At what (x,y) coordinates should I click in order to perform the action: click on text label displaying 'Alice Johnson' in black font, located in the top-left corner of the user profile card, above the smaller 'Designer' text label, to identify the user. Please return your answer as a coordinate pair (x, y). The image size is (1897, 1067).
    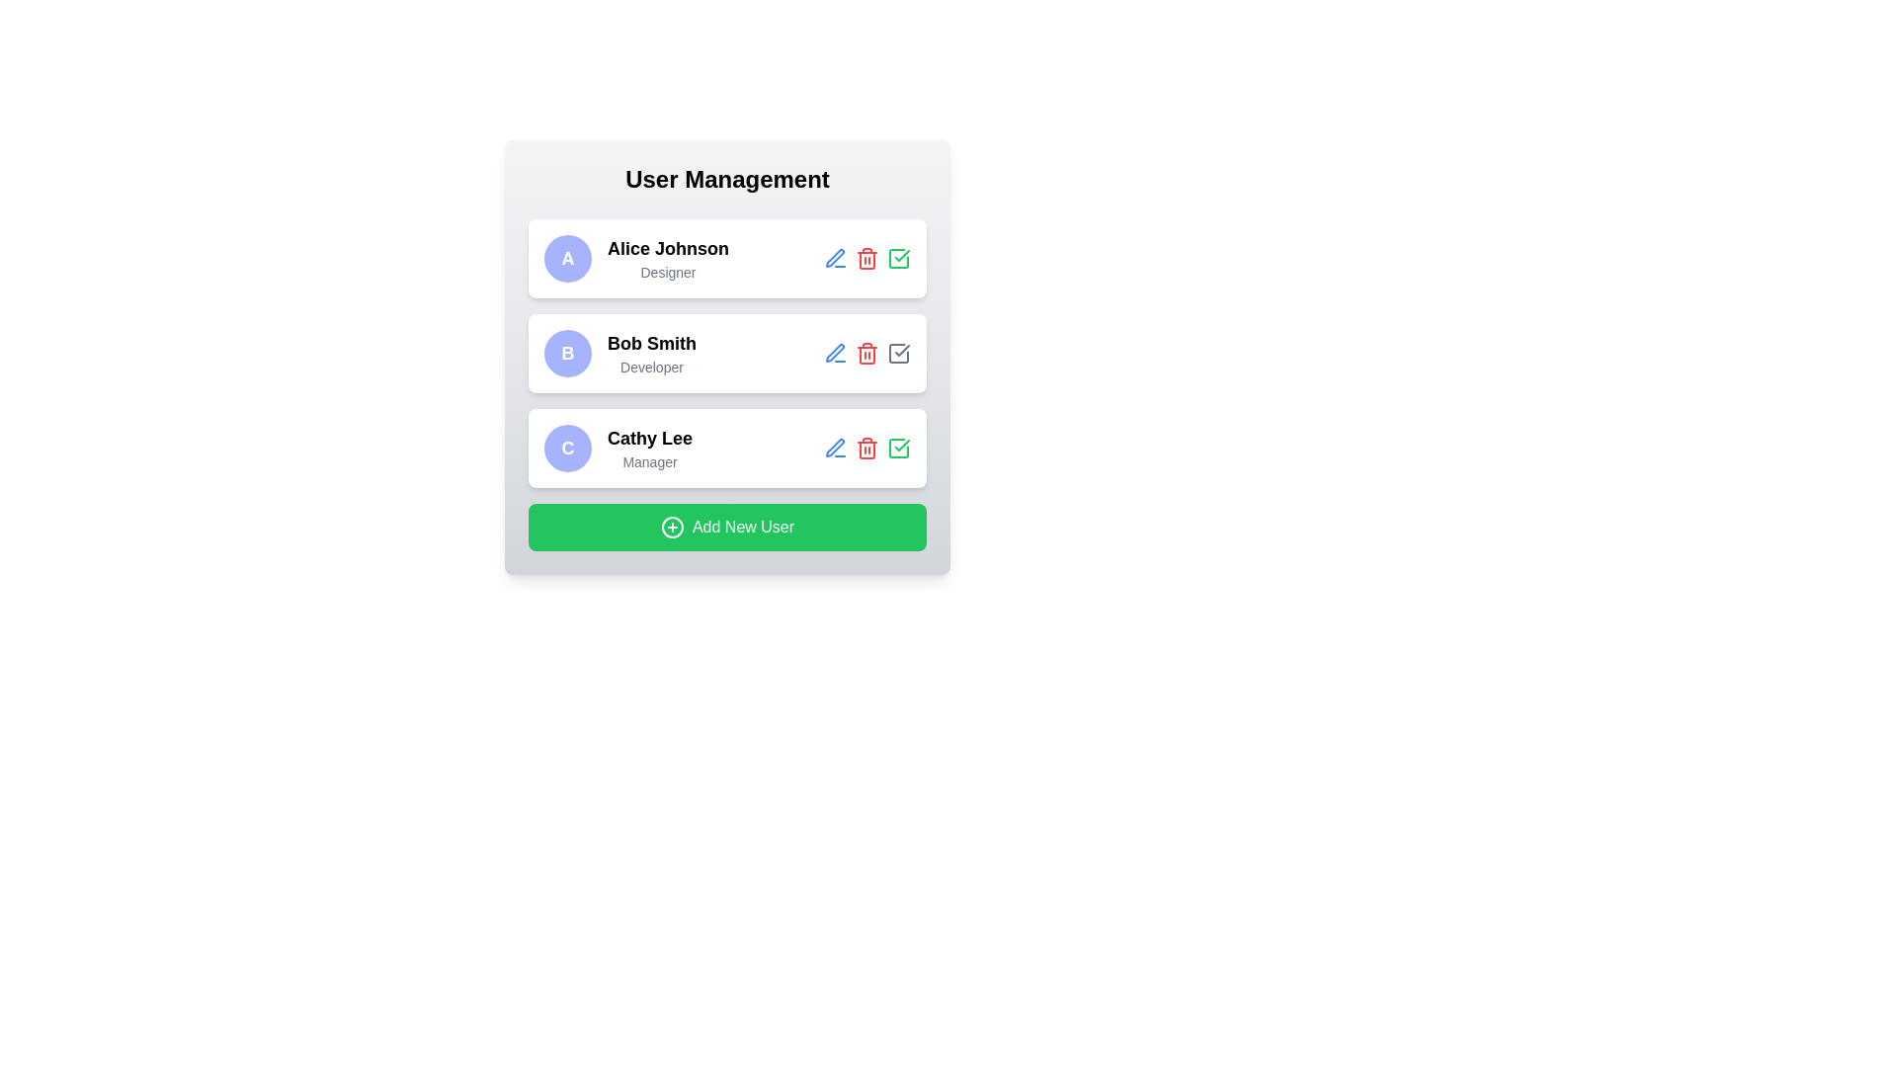
    Looking at the image, I should click on (668, 247).